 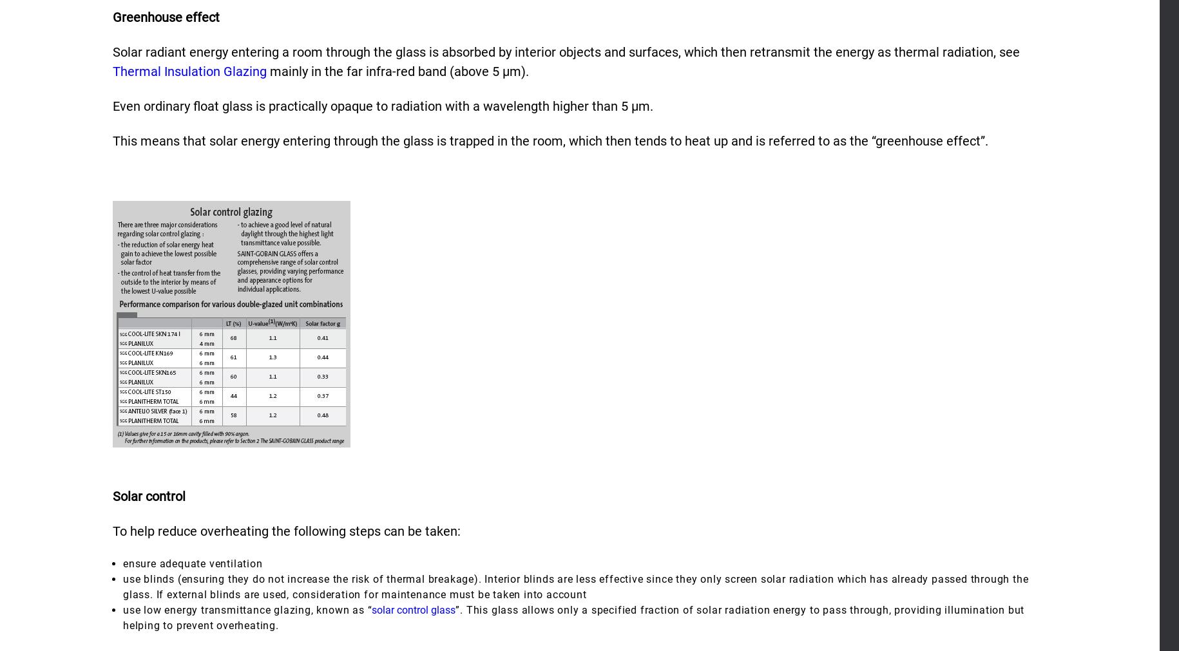 What do you see at coordinates (246, 609) in the screenshot?
I see `'use low energy transmittance glazing, known as “'` at bounding box center [246, 609].